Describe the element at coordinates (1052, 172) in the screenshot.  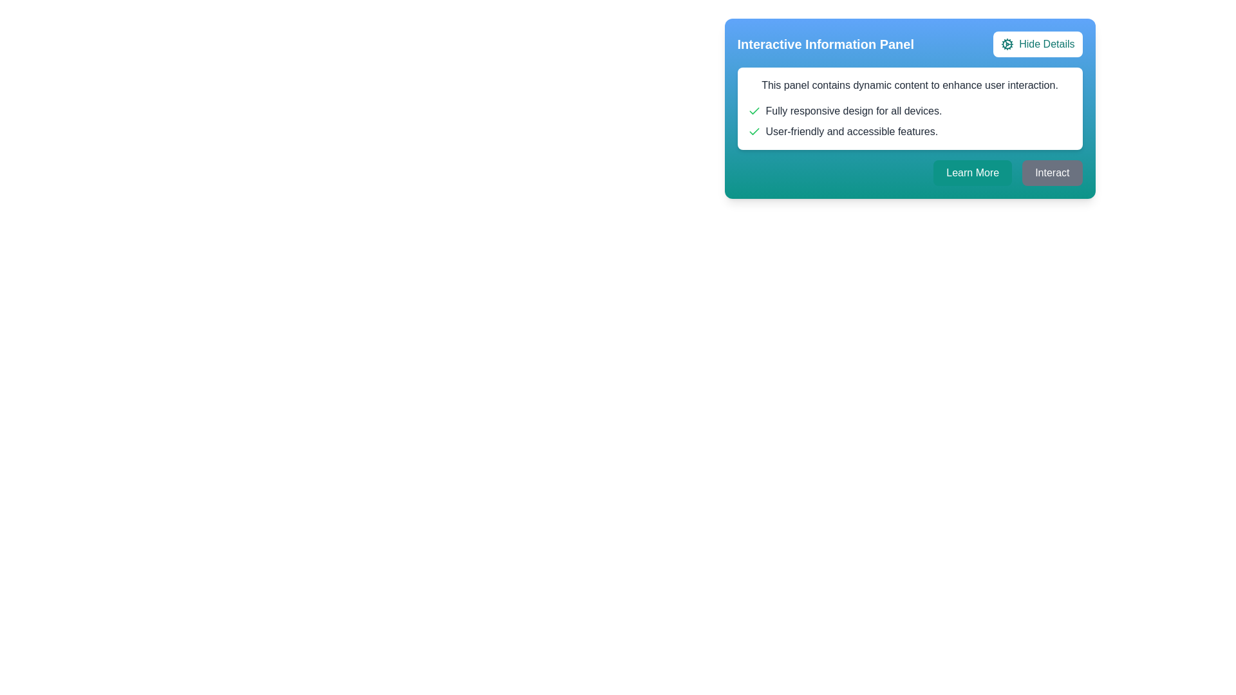
I see `the 'Interact' button located at the bottom-right corner of the panel` at that location.